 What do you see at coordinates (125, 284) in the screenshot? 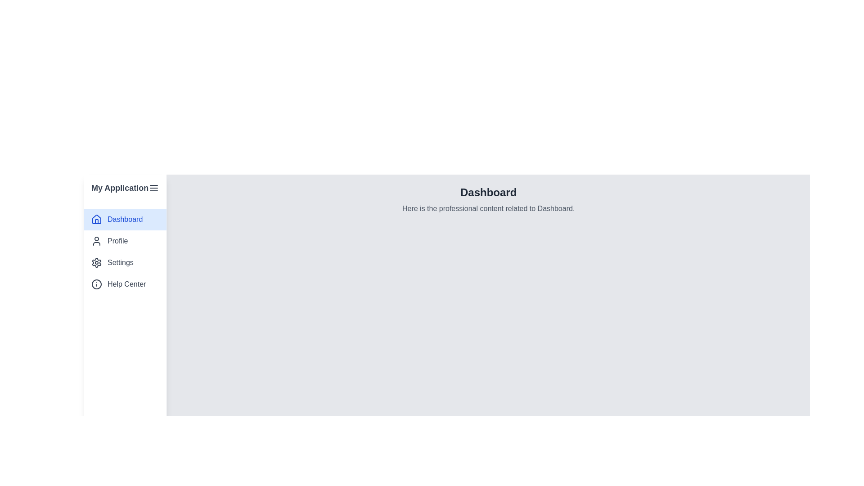
I see `the 'Help Center' sidebar menu item, which features an information icon and prominent text, located at the bottom of the sidebar menu` at bounding box center [125, 284].